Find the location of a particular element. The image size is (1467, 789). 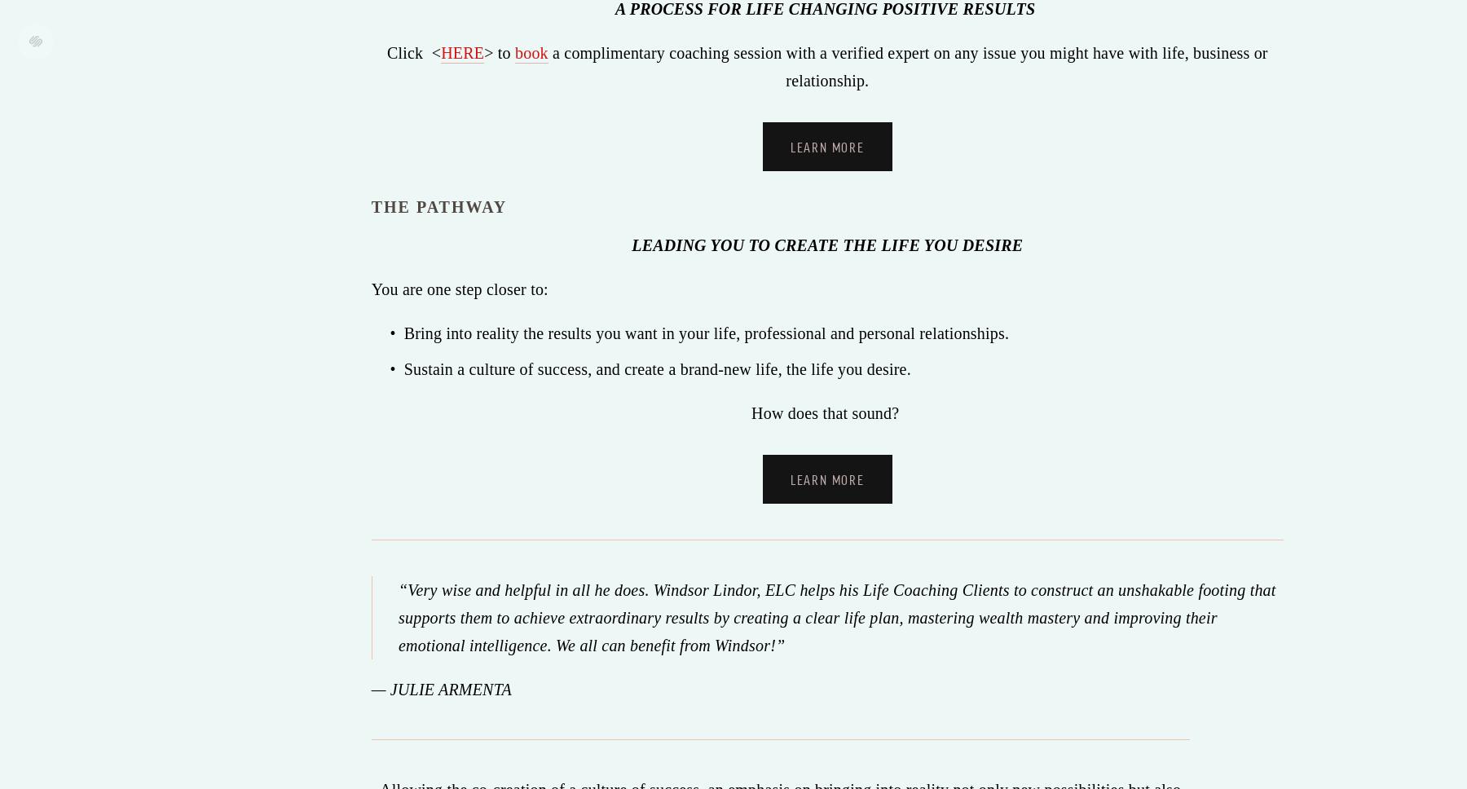

'How does that sound?' is located at coordinates (750, 412).